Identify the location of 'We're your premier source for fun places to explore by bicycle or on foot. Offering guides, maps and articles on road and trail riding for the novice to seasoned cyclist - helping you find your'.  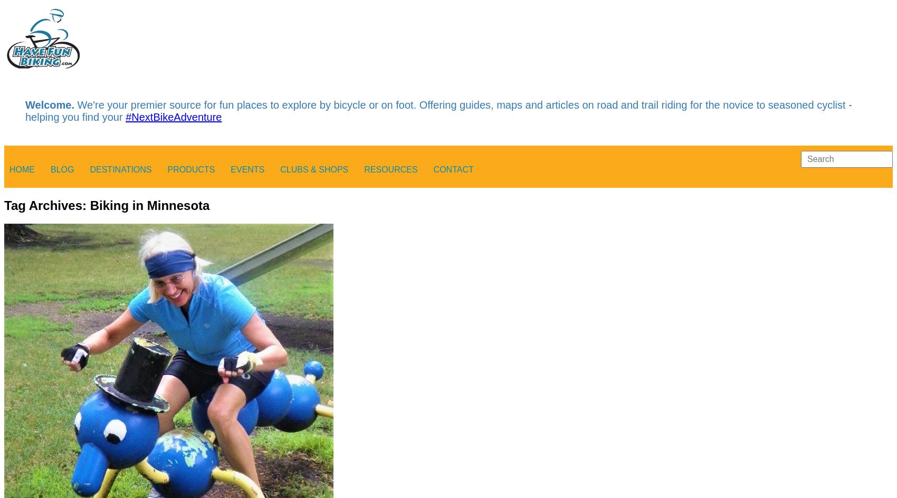
(437, 110).